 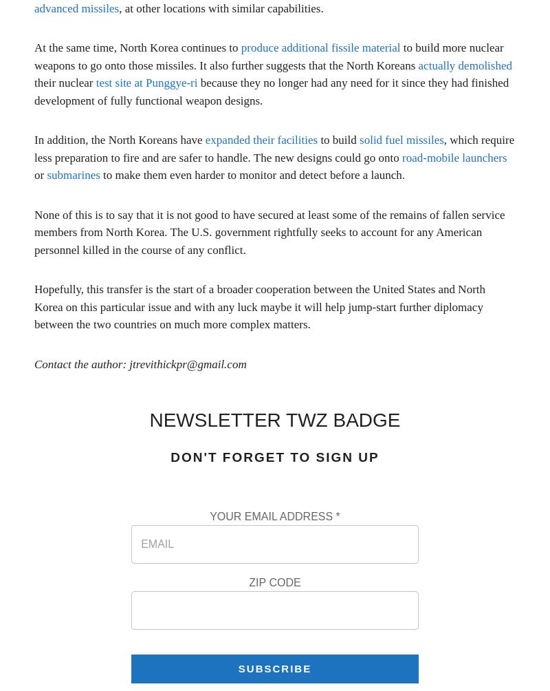 I want to click on '*', so click(x=338, y=520).